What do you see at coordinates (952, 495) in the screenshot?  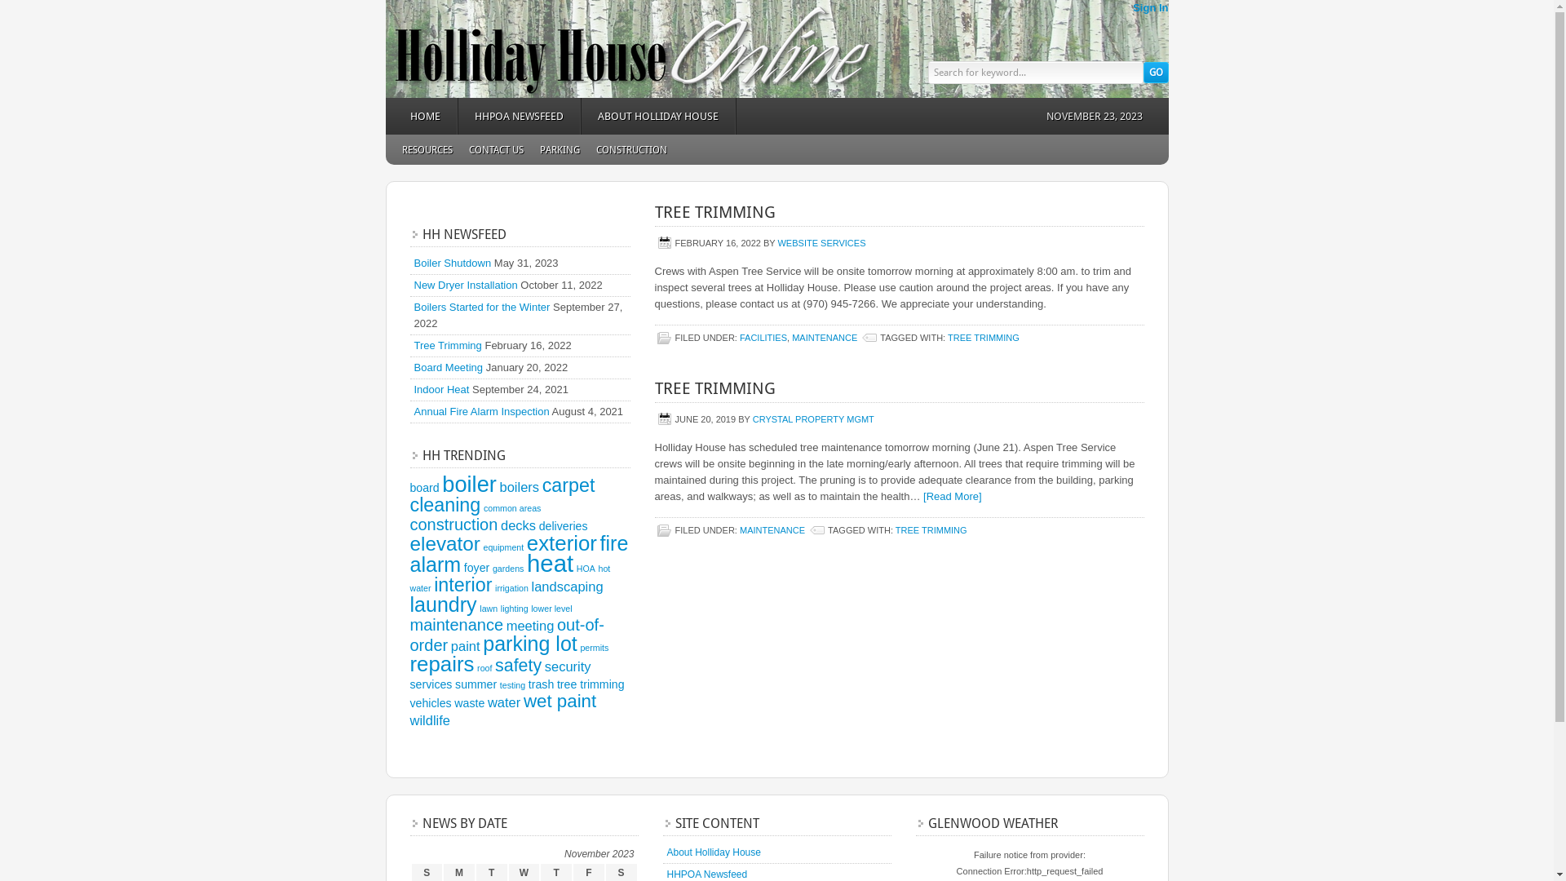 I see `'[Read More]'` at bounding box center [952, 495].